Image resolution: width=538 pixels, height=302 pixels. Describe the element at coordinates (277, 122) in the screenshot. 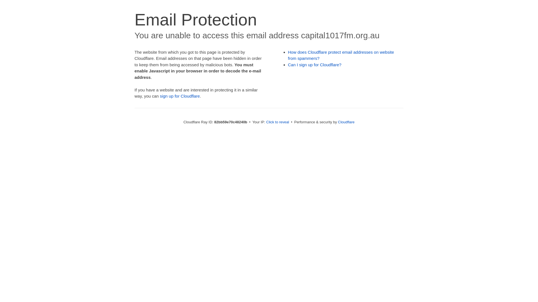

I see `'Click to reveal'` at that location.